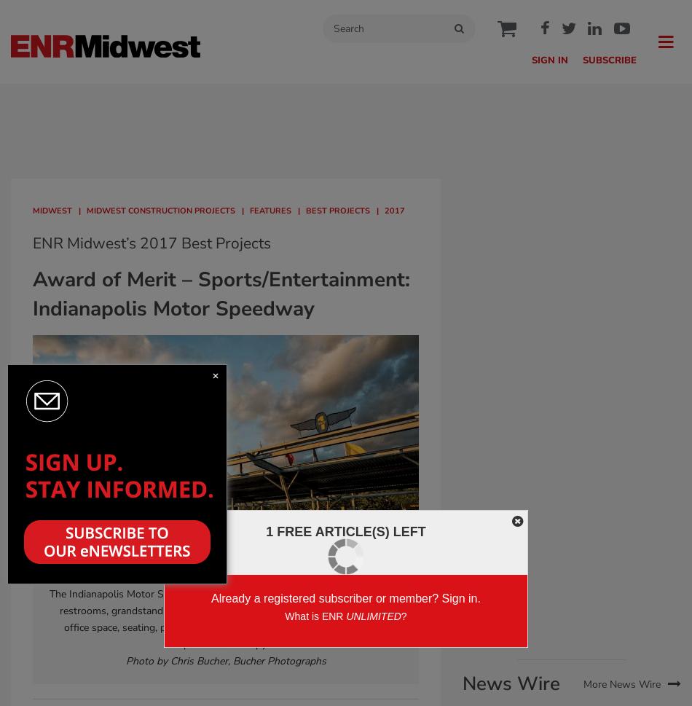 The image size is (692, 706). I want to click on '2017', so click(394, 211).